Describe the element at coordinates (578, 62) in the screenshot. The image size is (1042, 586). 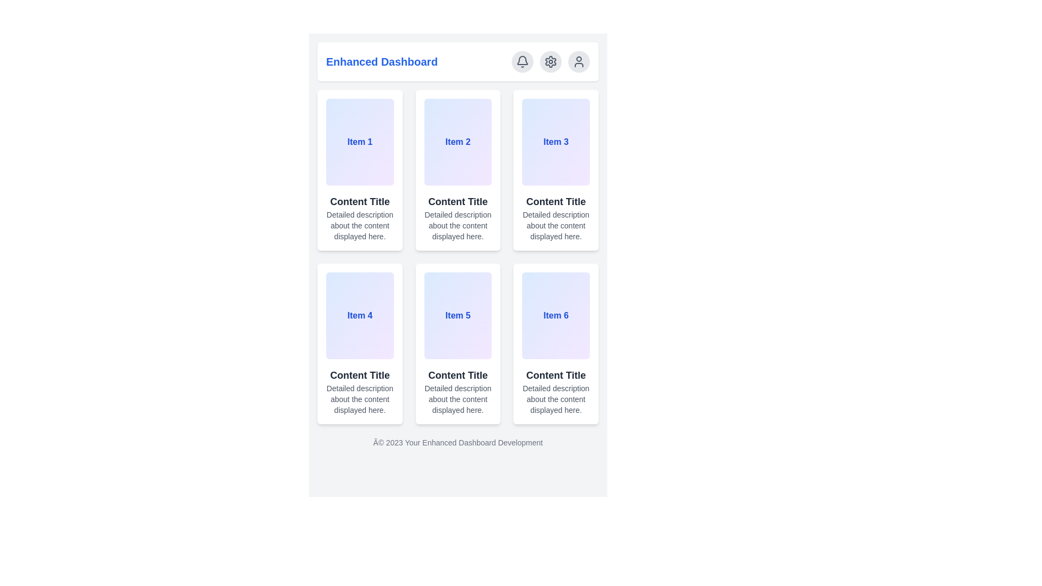
I see `the third circular button in the top-right corner of the interface` at that location.